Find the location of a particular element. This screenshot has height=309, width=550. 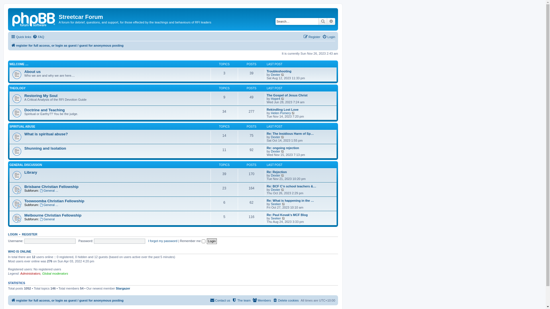

'LOGIN' is located at coordinates (13, 234).